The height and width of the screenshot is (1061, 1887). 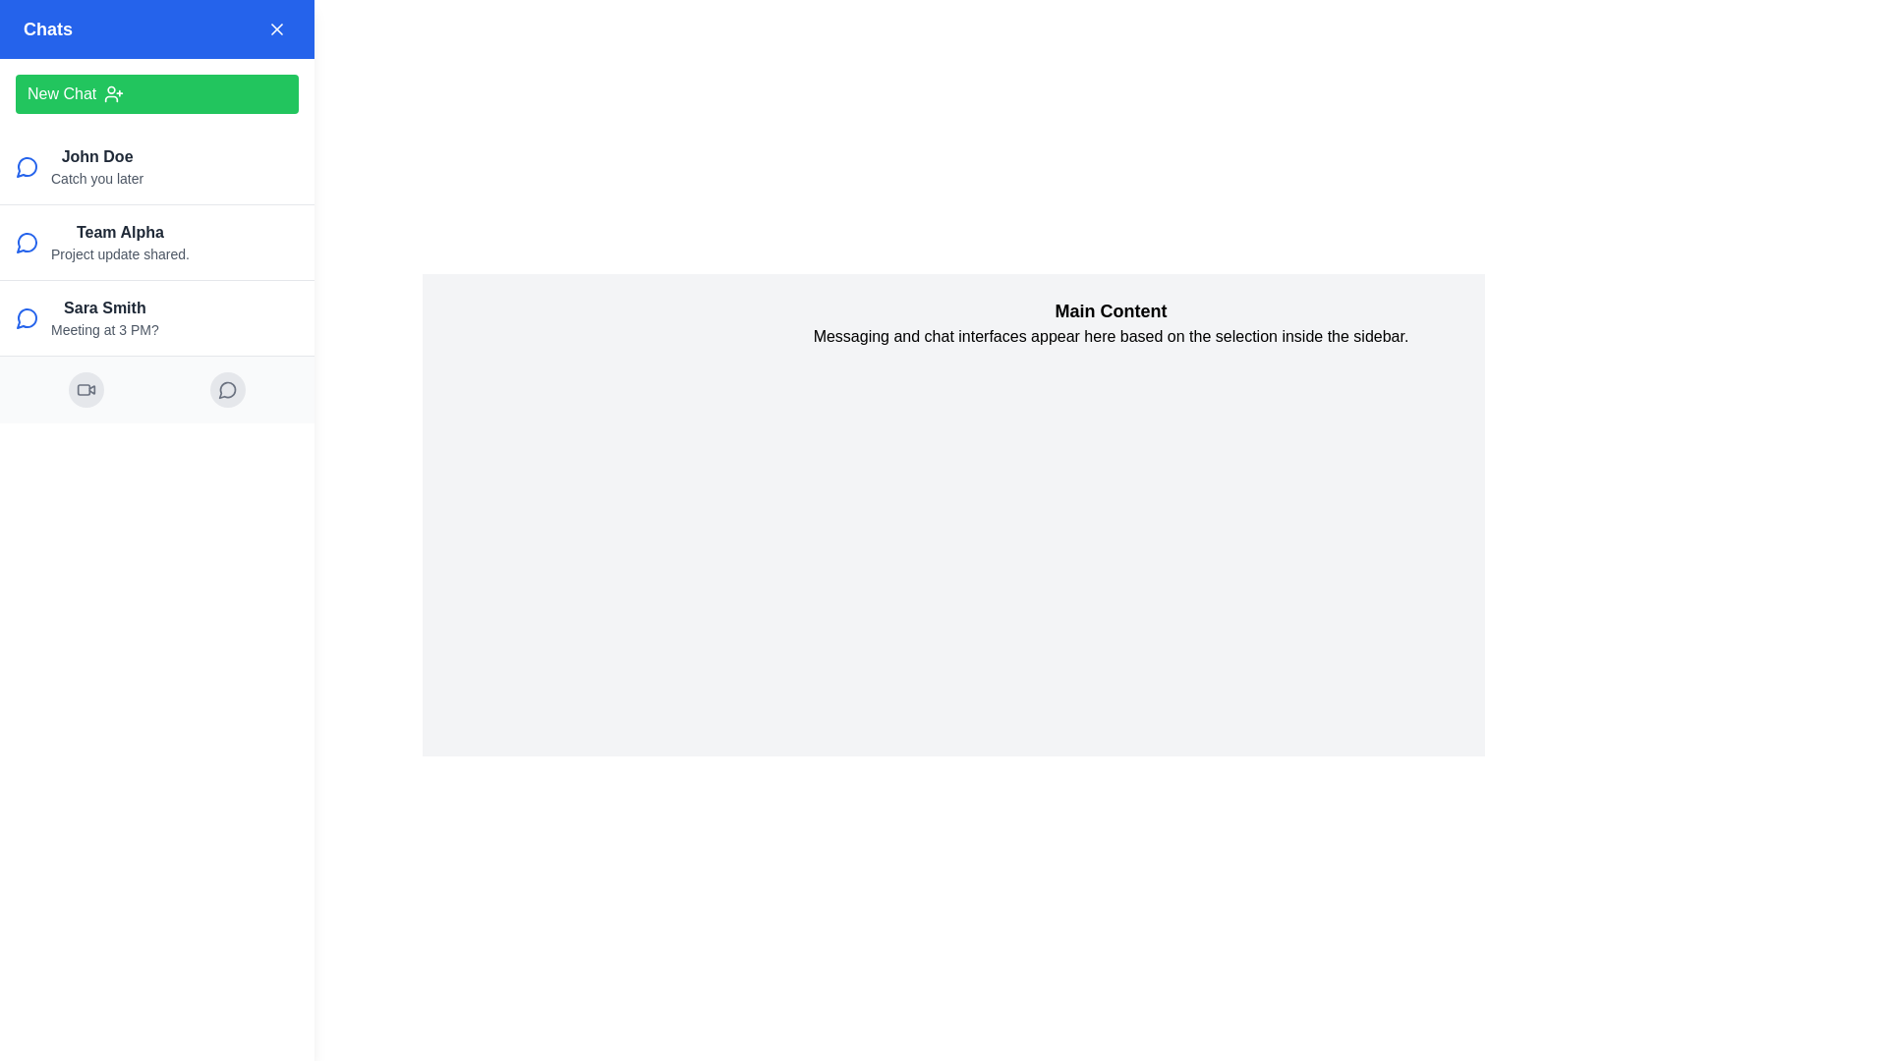 What do you see at coordinates (28, 165) in the screenshot?
I see `the conversation icon (SVG) located in the sidebar chat area, positioned to the left of the 'John DoeCatch you later' text group` at bounding box center [28, 165].